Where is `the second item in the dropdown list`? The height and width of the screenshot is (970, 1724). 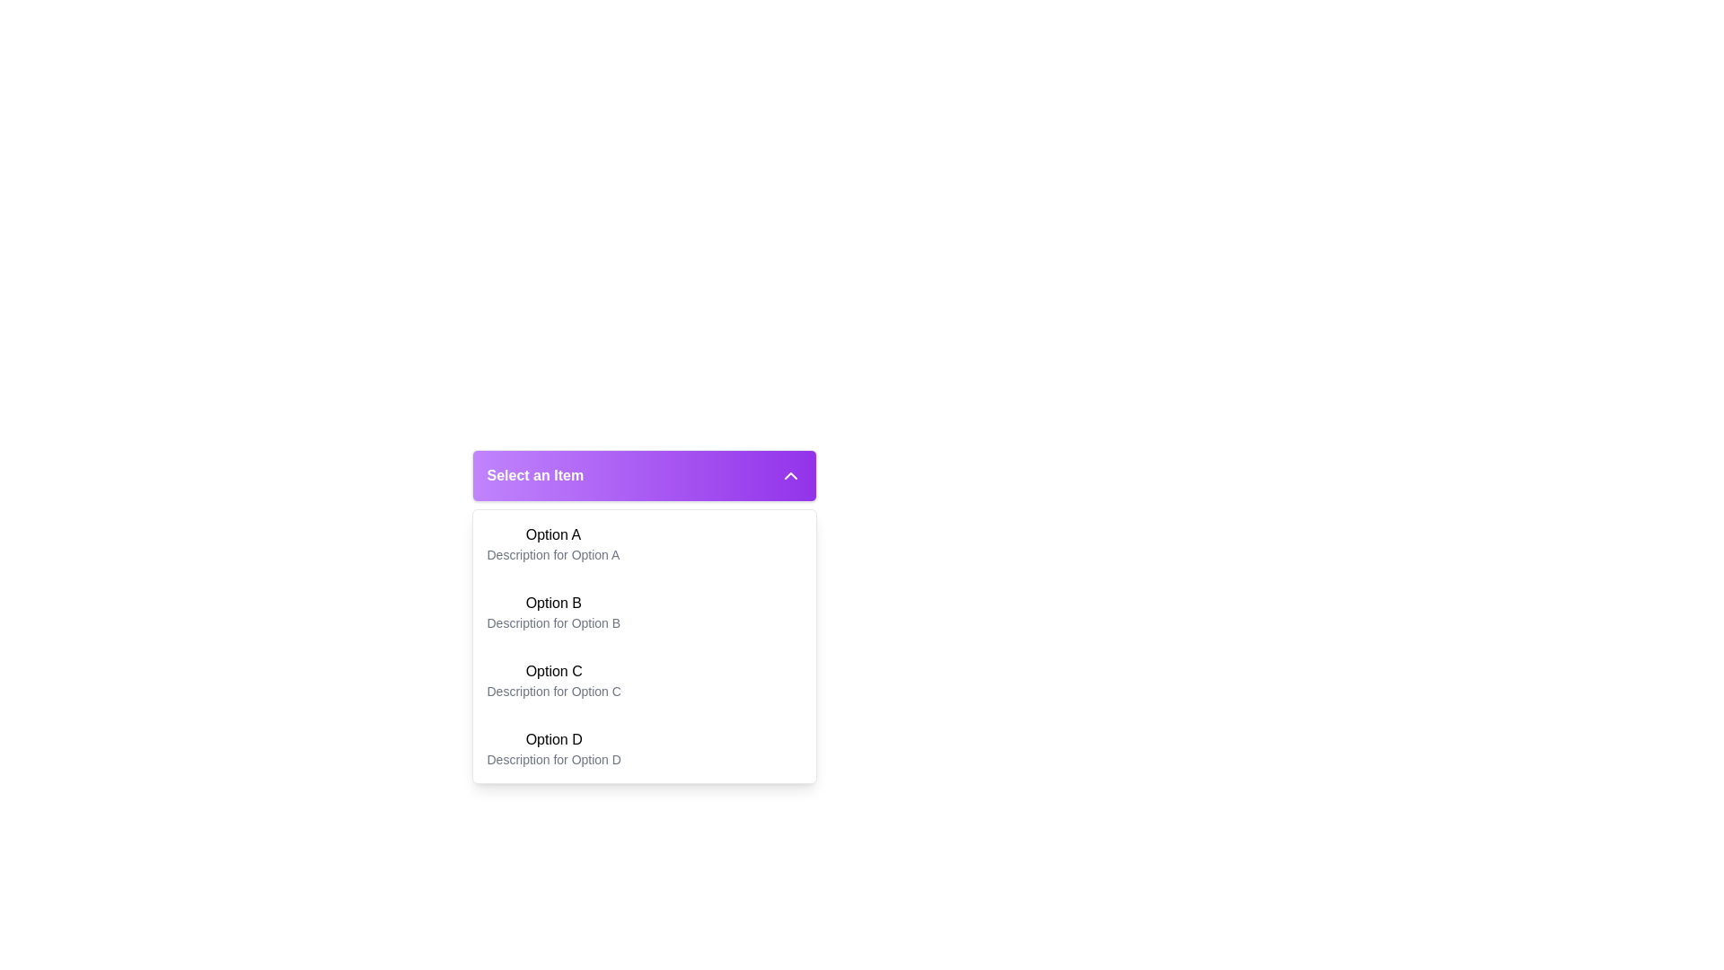
the second item in the dropdown list is located at coordinates (644, 612).